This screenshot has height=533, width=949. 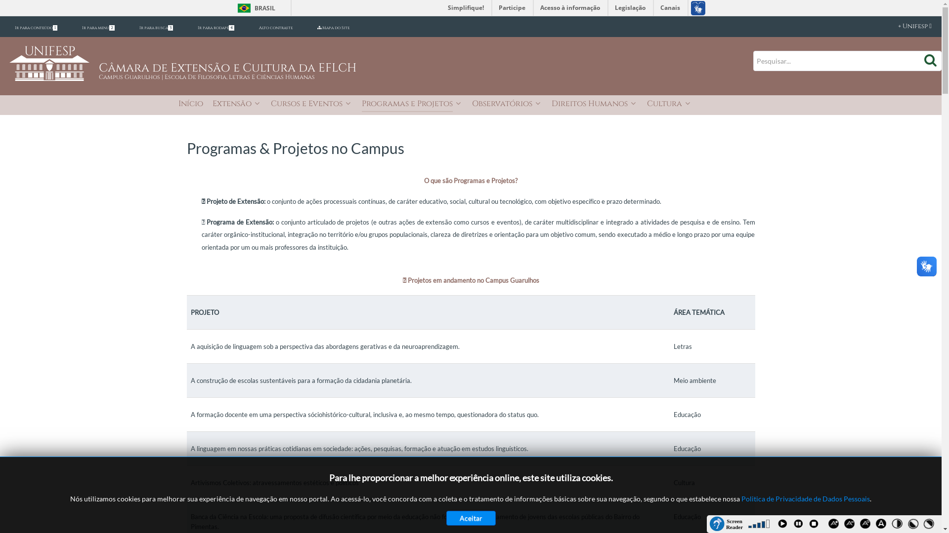 What do you see at coordinates (806, 498) in the screenshot?
I see `'Politica de Privacidade de Dados Pessoais'` at bounding box center [806, 498].